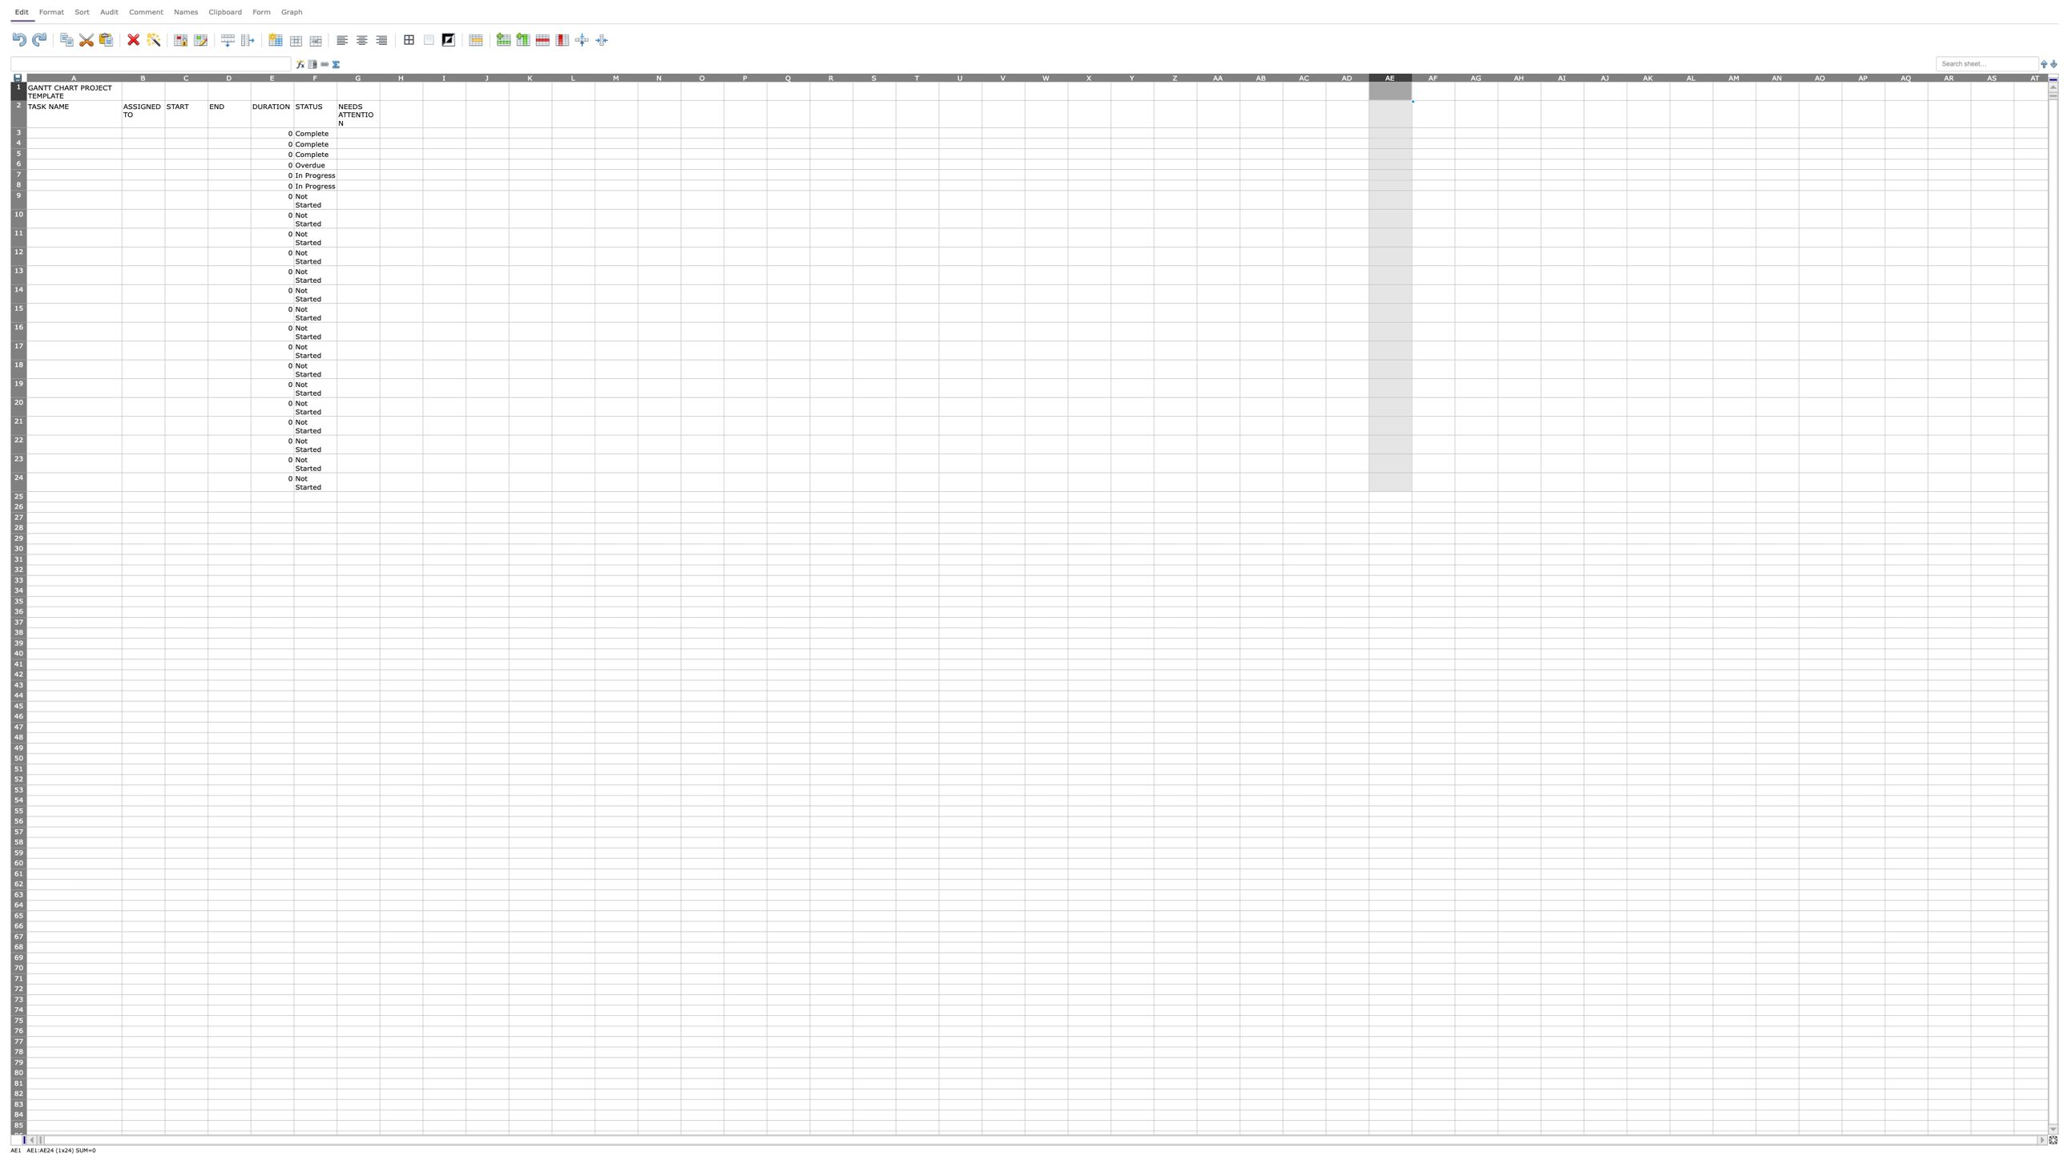 This screenshot has width=2064, height=1161. Describe the element at coordinates (1498, 76) in the screenshot. I see `Hover over column AG's resize handle` at that location.